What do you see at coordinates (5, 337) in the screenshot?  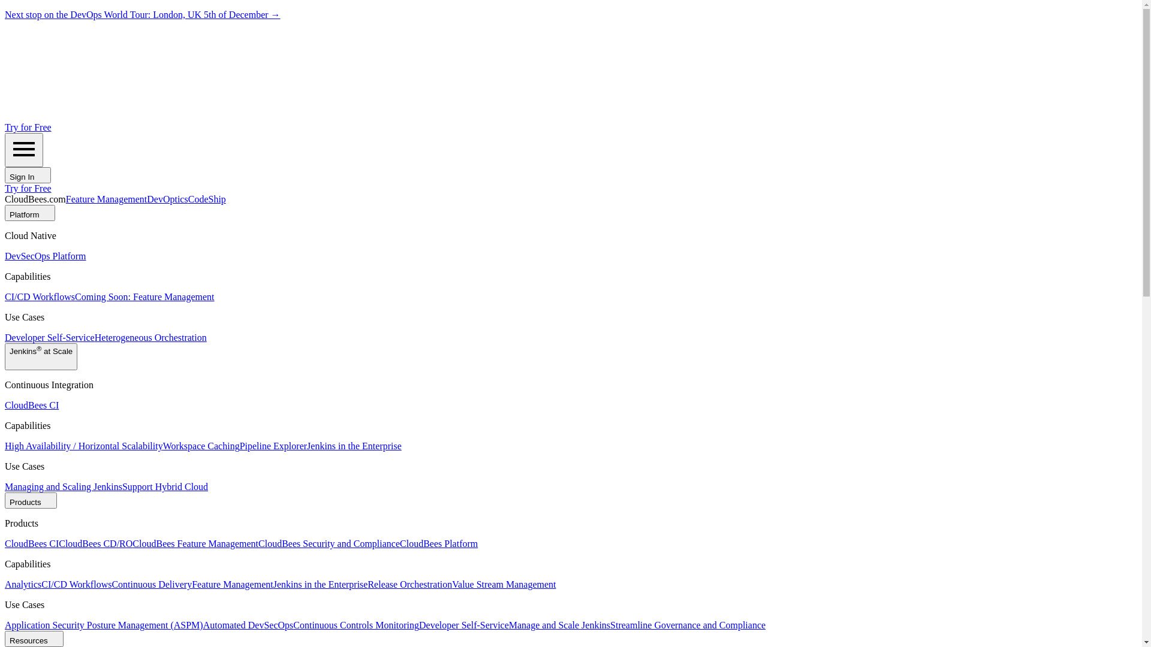 I see `'Developer Self-Service'` at bounding box center [5, 337].